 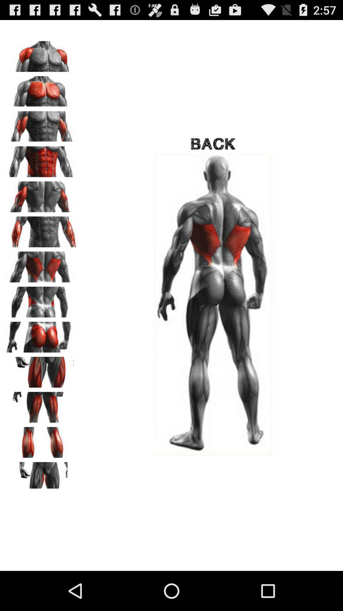 I want to click on display figure, so click(x=42, y=194).